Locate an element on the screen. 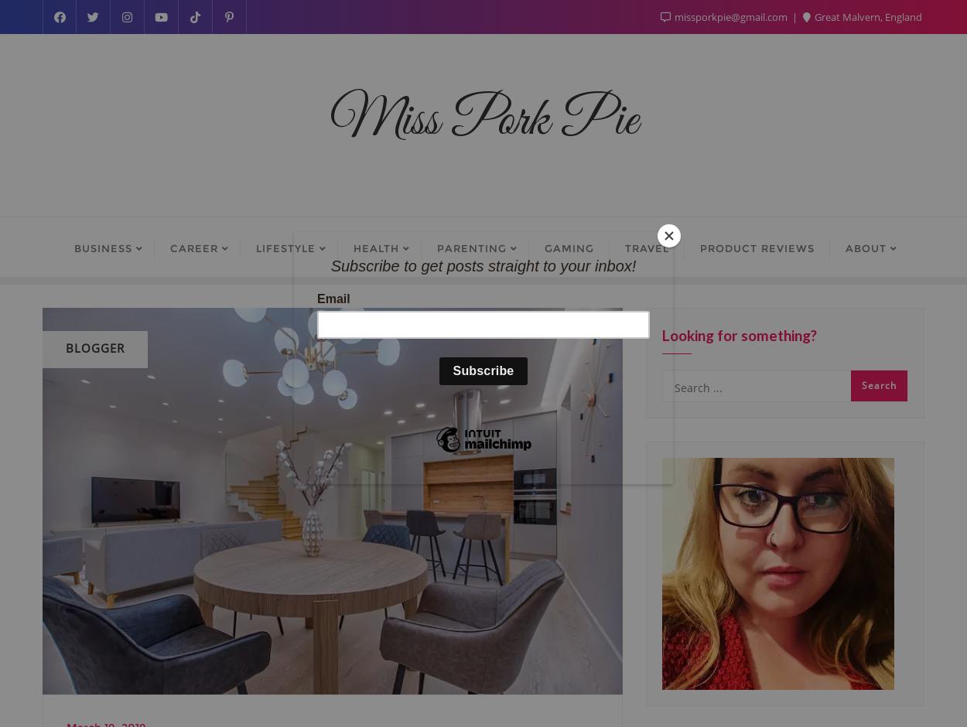  'Miss Pork Pie' is located at coordinates (482, 120).